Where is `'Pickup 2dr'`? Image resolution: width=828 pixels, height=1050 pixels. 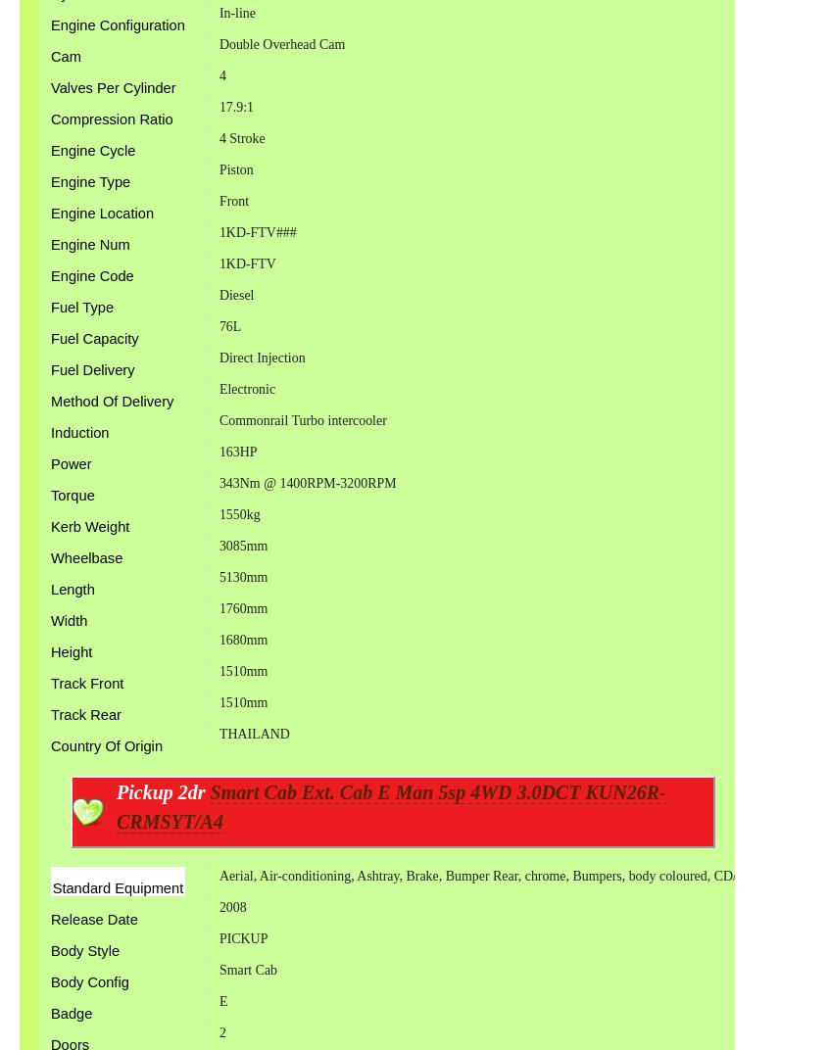
'Pickup 2dr' is located at coordinates (163, 791).